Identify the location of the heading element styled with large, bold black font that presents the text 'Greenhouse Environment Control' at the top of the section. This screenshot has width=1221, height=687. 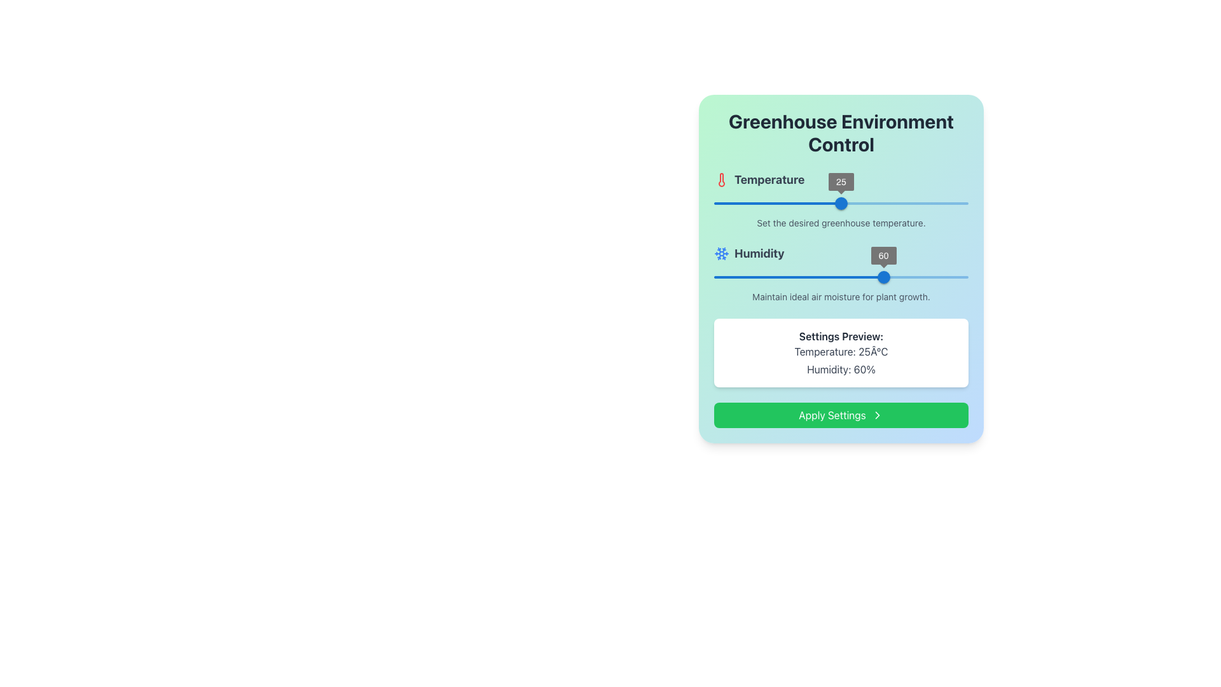
(841, 132).